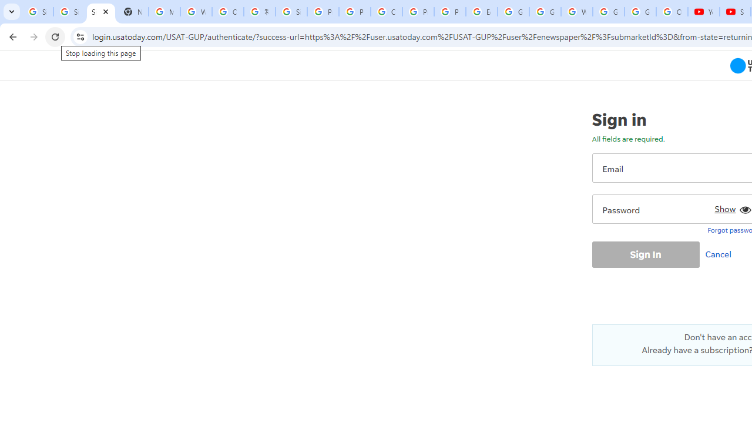  What do you see at coordinates (730, 206) in the screenshot?
I see `'Show'` at bounding box center [730, 206].